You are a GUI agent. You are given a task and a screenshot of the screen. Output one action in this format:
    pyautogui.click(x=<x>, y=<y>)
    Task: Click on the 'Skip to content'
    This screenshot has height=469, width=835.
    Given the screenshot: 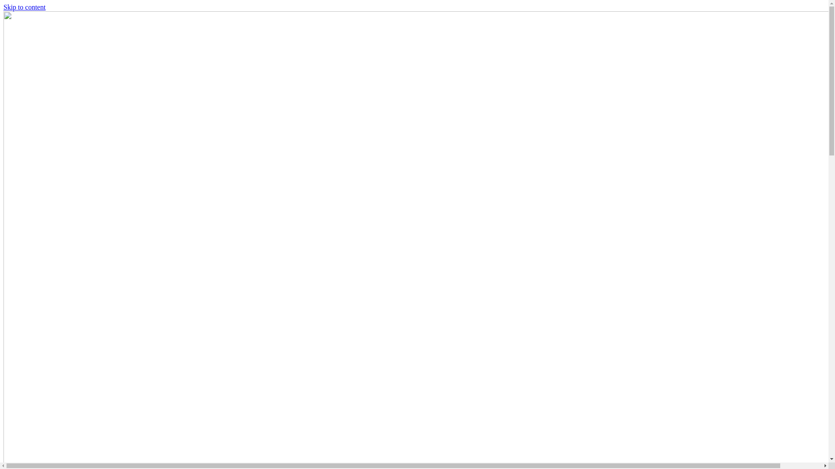 What is the action you would take?
    pyautogui.click(x=24, y=7)
    